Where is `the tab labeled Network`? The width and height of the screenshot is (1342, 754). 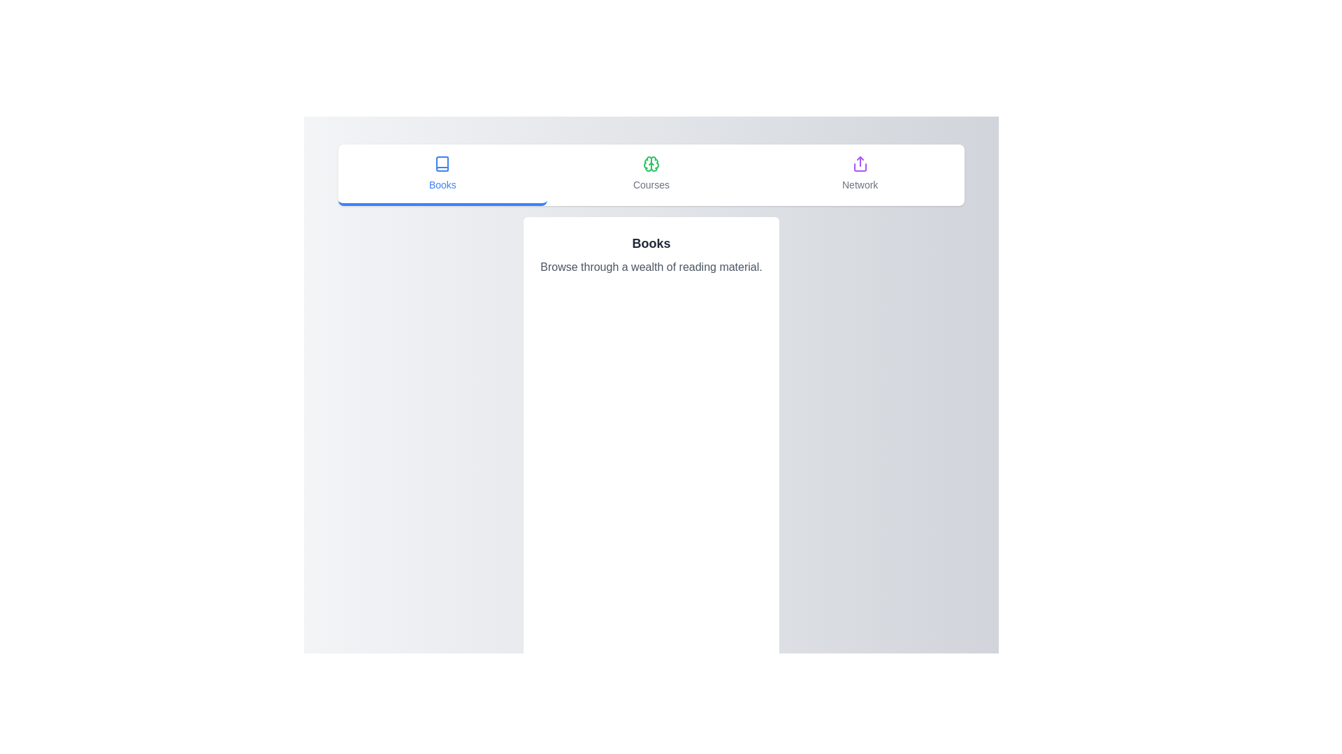
the tab labeled Network is located at coordinates (859, 174).